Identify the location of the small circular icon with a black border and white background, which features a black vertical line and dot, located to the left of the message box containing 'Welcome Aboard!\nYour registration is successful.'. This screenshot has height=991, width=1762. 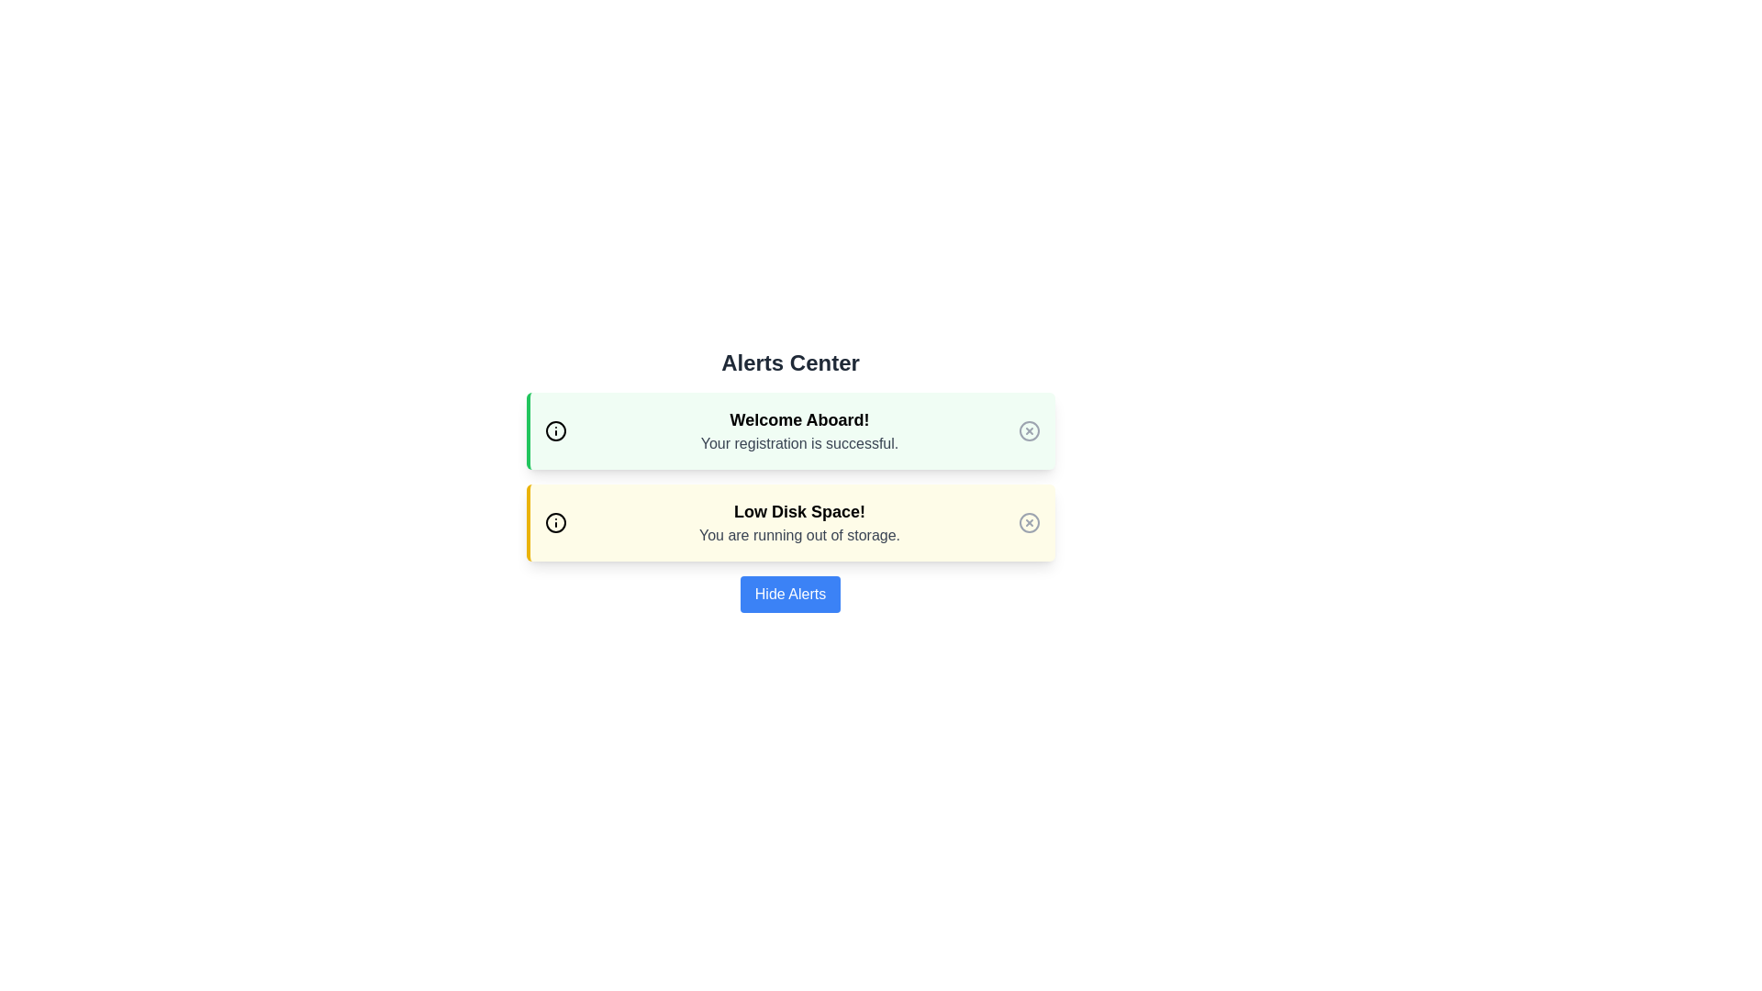
(554, 431).